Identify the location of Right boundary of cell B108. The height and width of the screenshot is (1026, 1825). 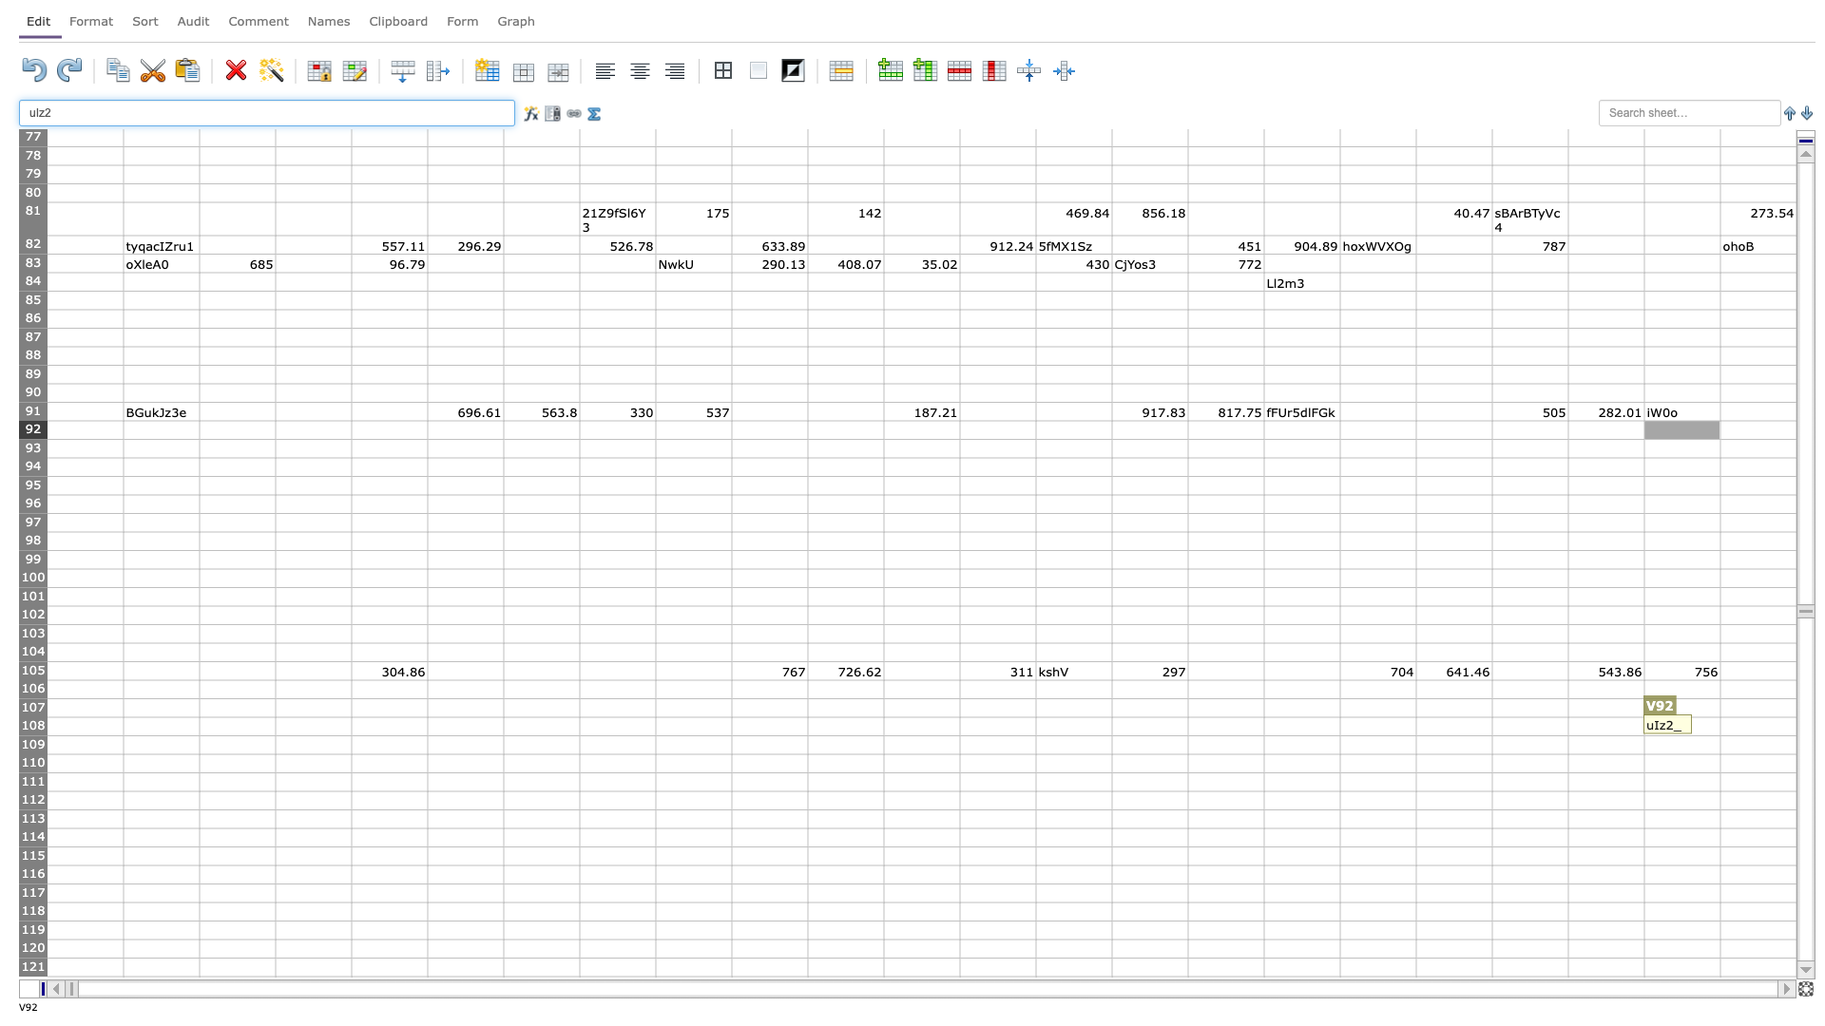
(200, 726).